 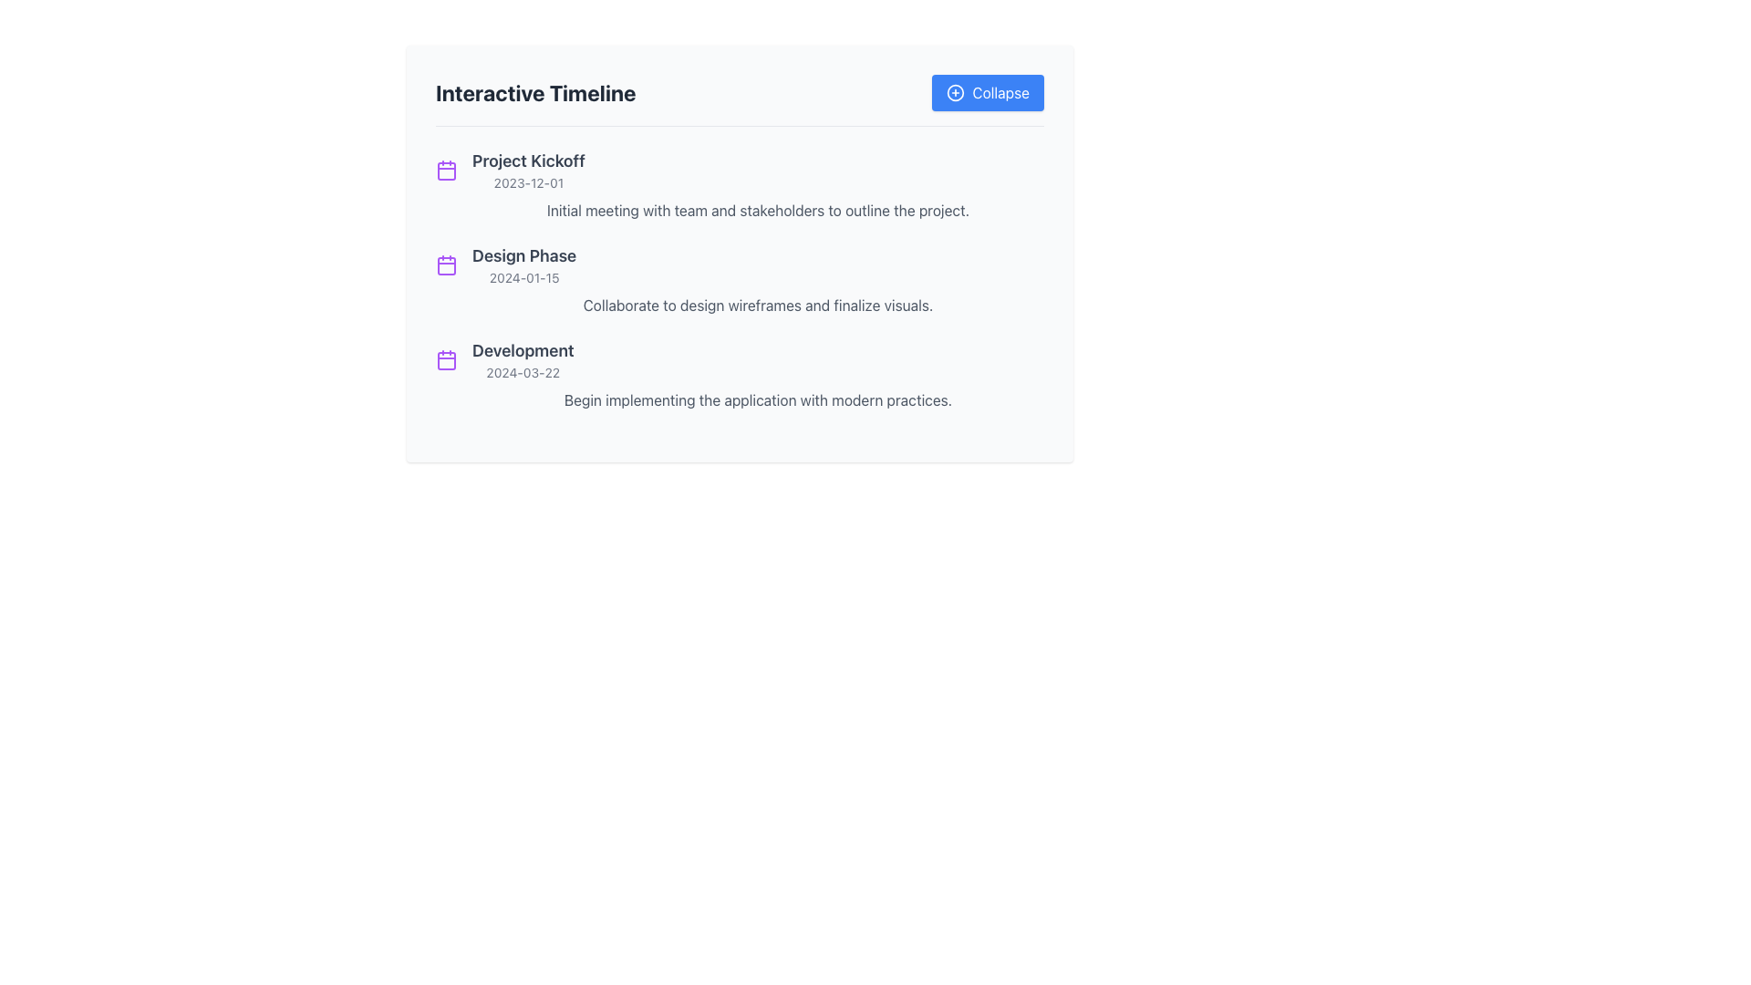 I want to click on the circular icon with a blue plus sign, which is located to the left of the 'Collapse' button in the top-right corner of the 'Interactive Timeline' section, so click(x=955, y=92).